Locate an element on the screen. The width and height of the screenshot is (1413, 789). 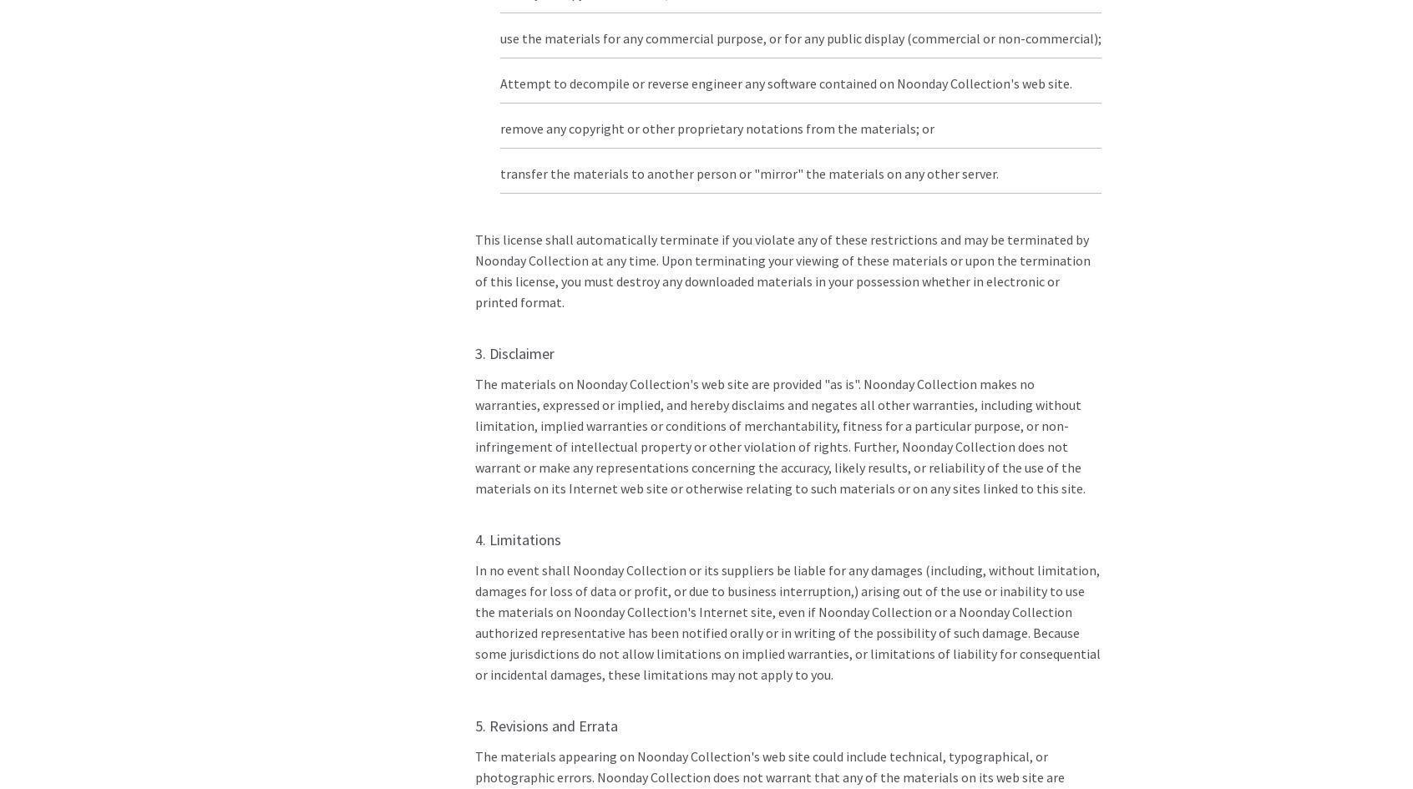
'4. Limitations' is located at coordinates (516, 539).